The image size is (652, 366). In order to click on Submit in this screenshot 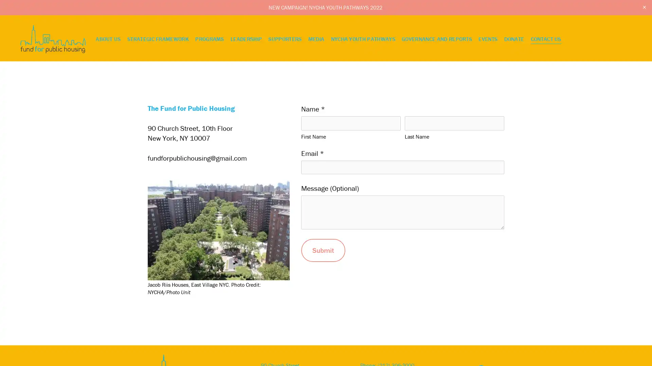, I will do `click(323, 250)`.